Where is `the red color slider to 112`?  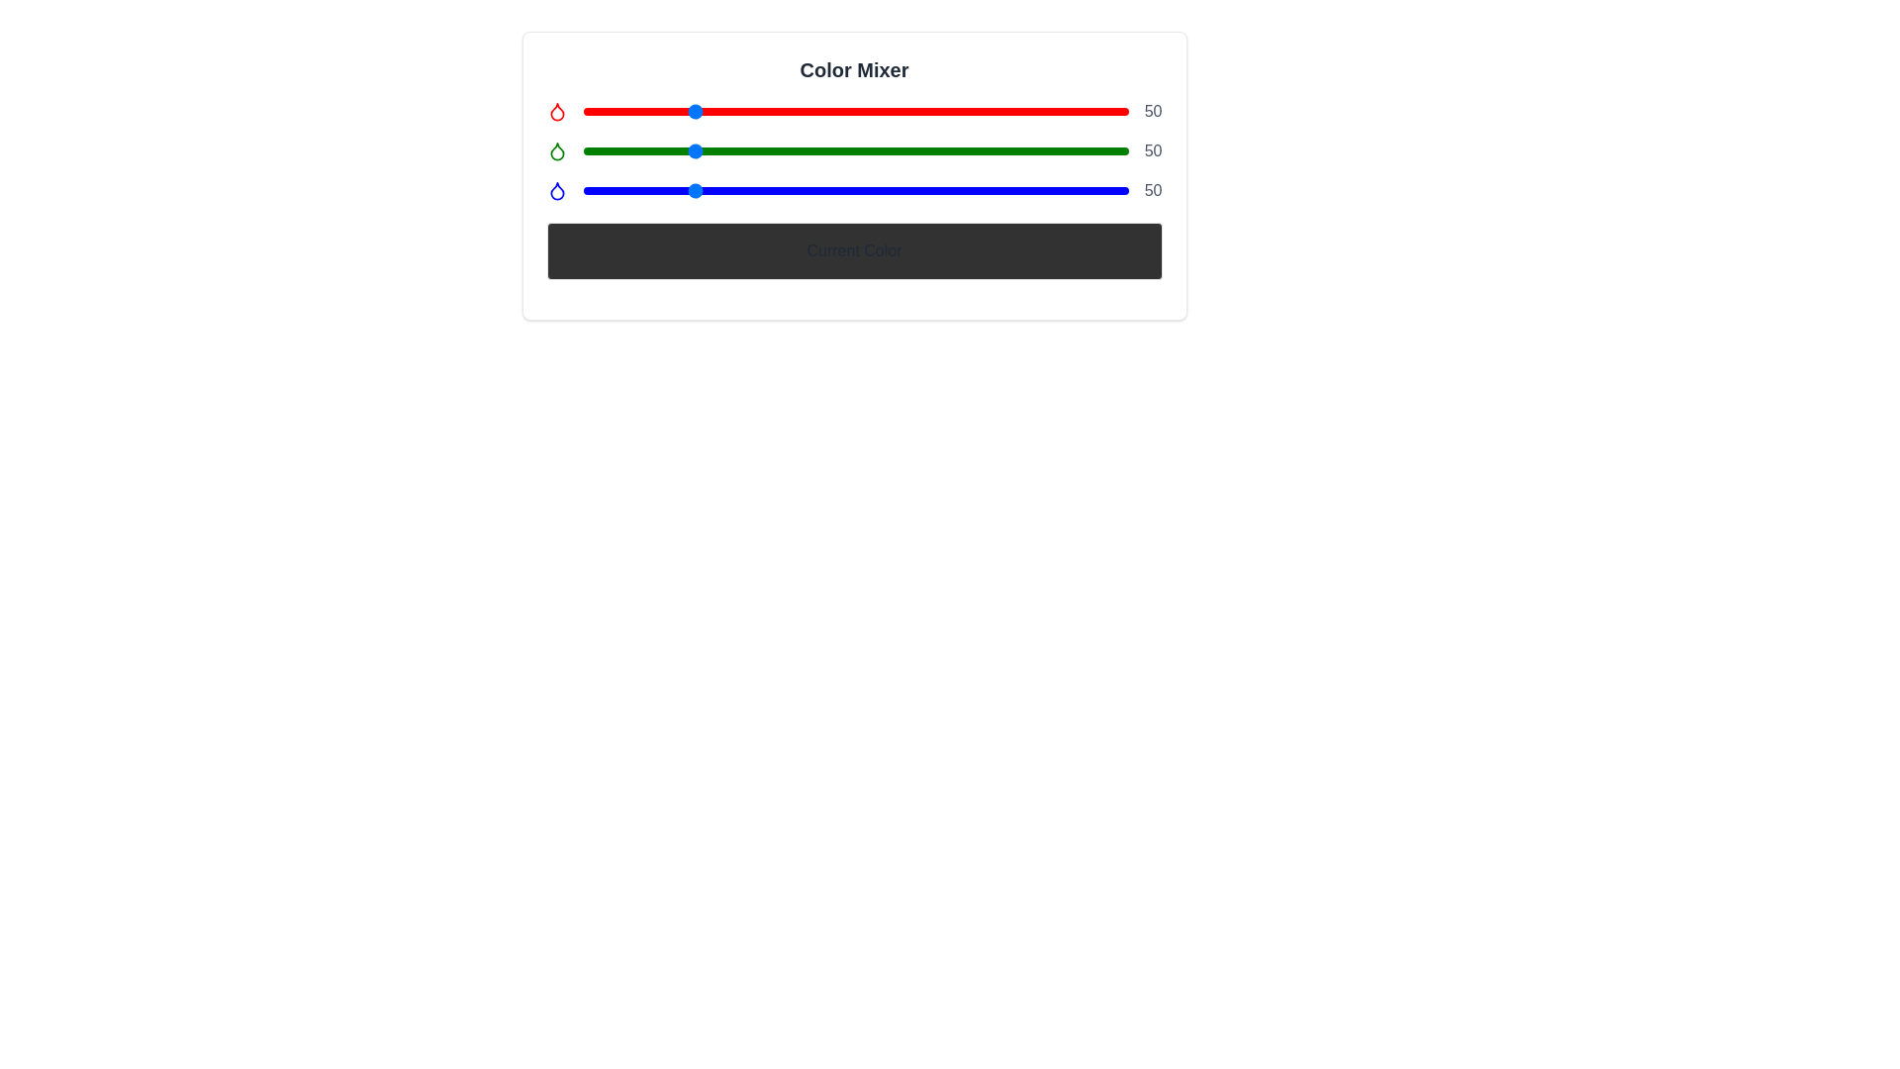 the red color slider to 112 is located at coordinates (822, 111).